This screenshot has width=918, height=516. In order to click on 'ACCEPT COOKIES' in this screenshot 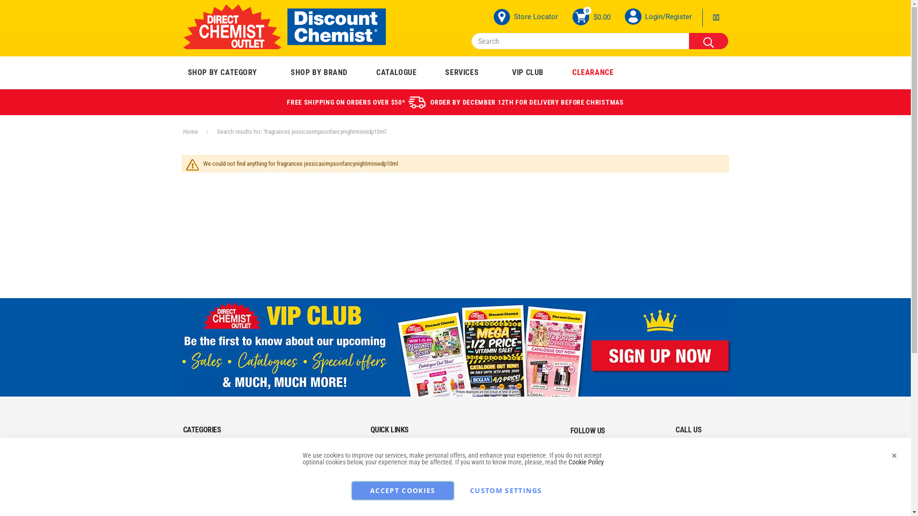, I will do `click(403, 490)`.